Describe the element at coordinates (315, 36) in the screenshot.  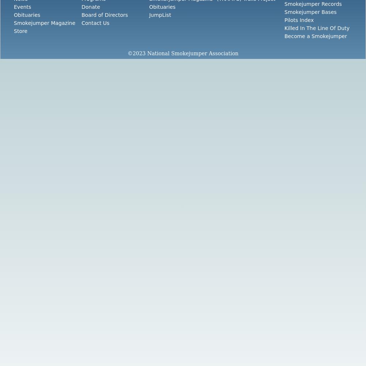
I see `'Become a Smokejumper'` at that location.